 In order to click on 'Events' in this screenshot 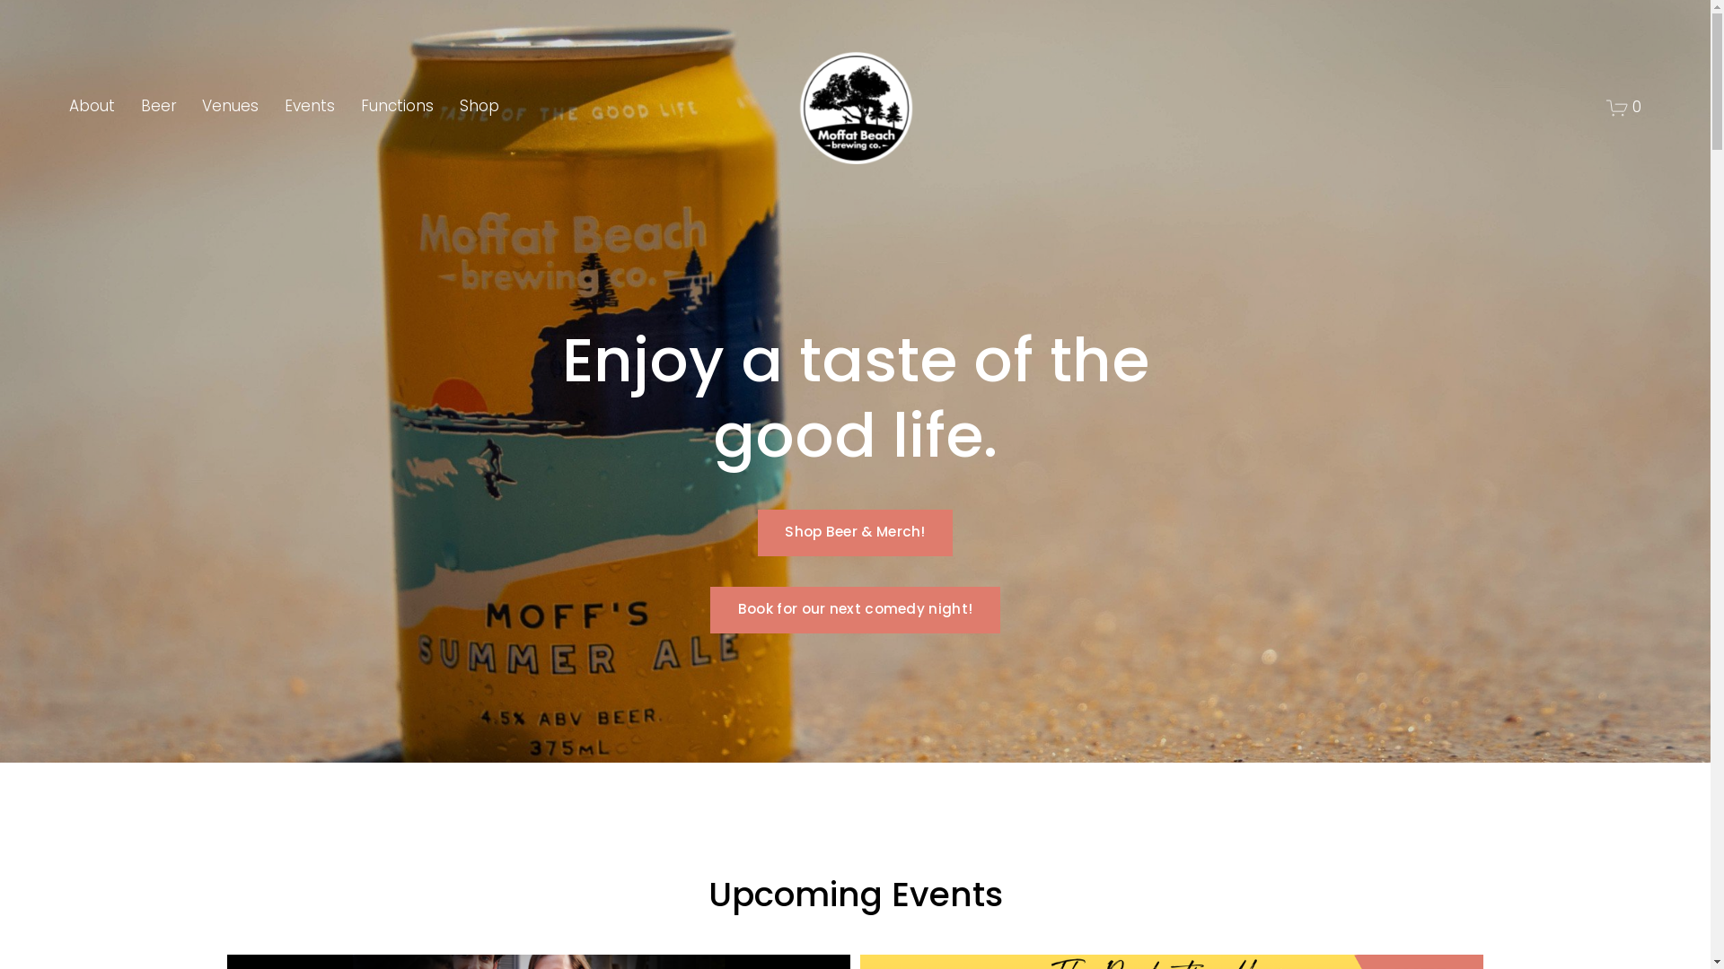, I will do `click(310, 107)`.